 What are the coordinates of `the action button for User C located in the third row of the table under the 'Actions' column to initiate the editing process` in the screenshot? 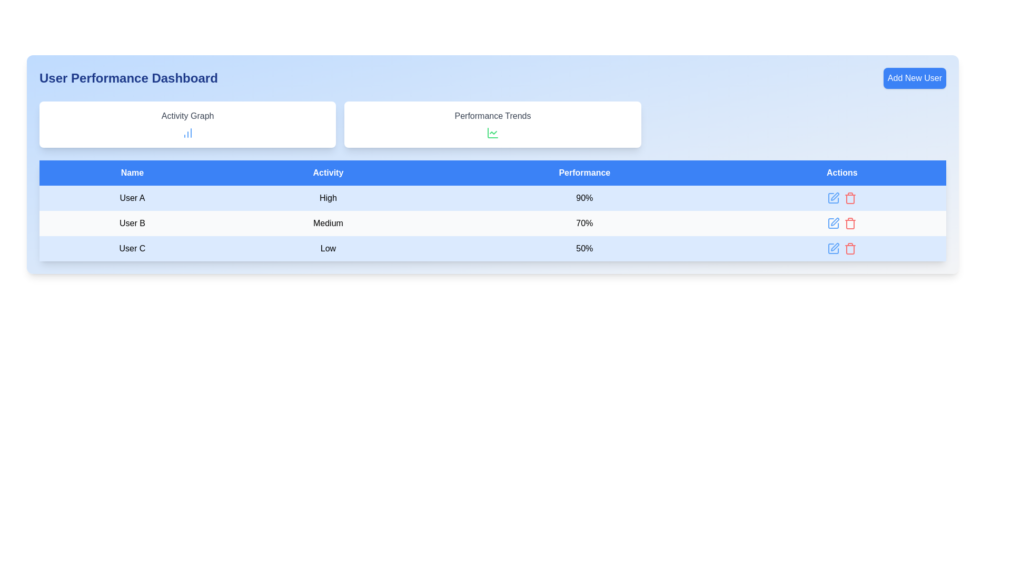 It's located at (833, 249).